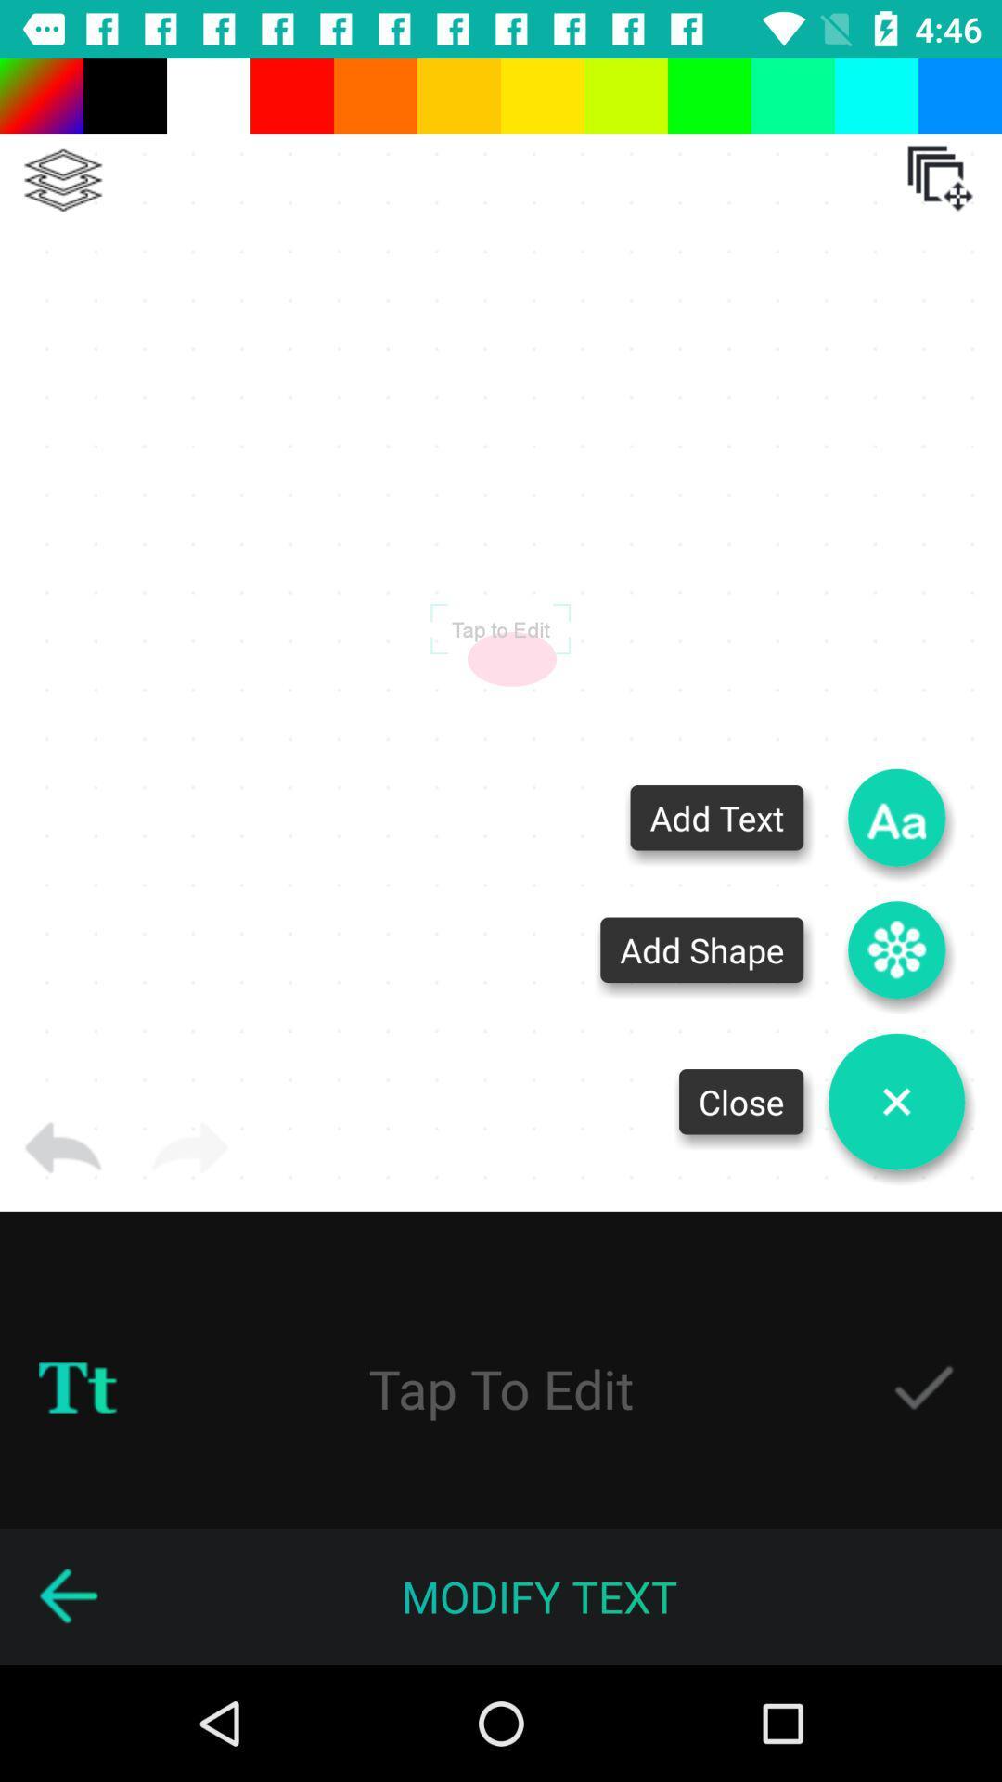 The width and height of the screenshot is (1002, 1782). I want to click on previous page, so click(67, 1595).